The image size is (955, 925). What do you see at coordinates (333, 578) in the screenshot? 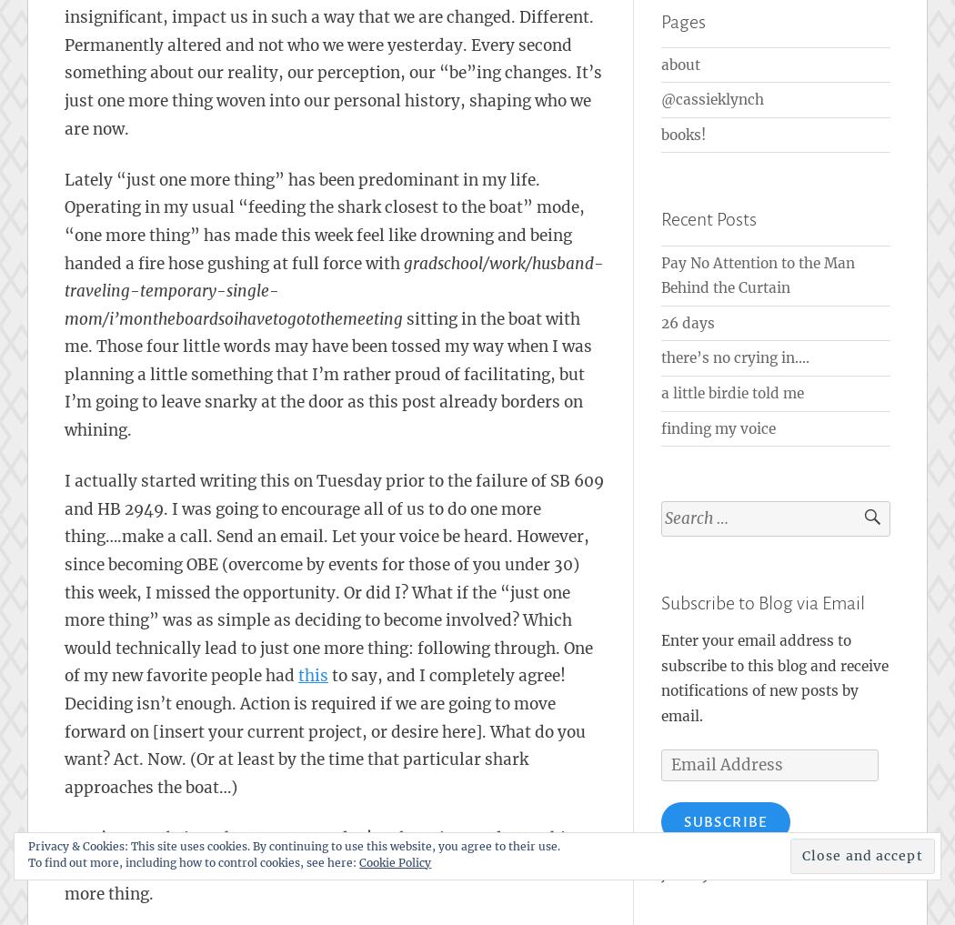
I see `'I actually started writing this on Tuesday prior to the failure of SB 609 and HB 2949. I was going to encourage all of us to do one more thing….make a call. Send an email. Let your voice be heard. However, since becoming OBE (overcome by events for those of you under 30) this week, I missed the opportunity. Or did I? What if the “just one more thing” was as simple as deciding to become involved? Which would technically lead to just one more thing: following through. One of my new favorite people had'` at bounding box center [333, 578].